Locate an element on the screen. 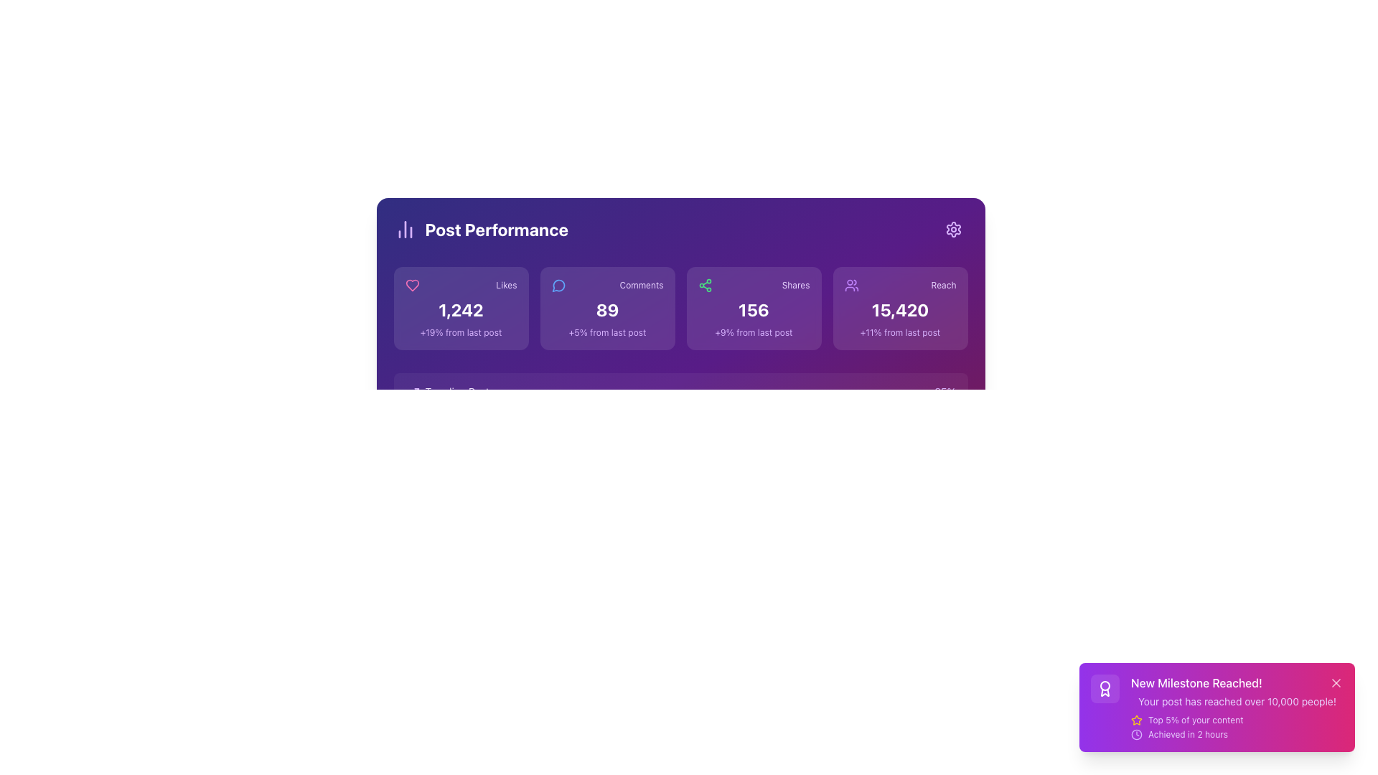 The height and width of the screenshot is (775, 1378). the purple bar chart icon located in the top-left corner of the 'Post Performance' section is located at coordinates (404, 229).